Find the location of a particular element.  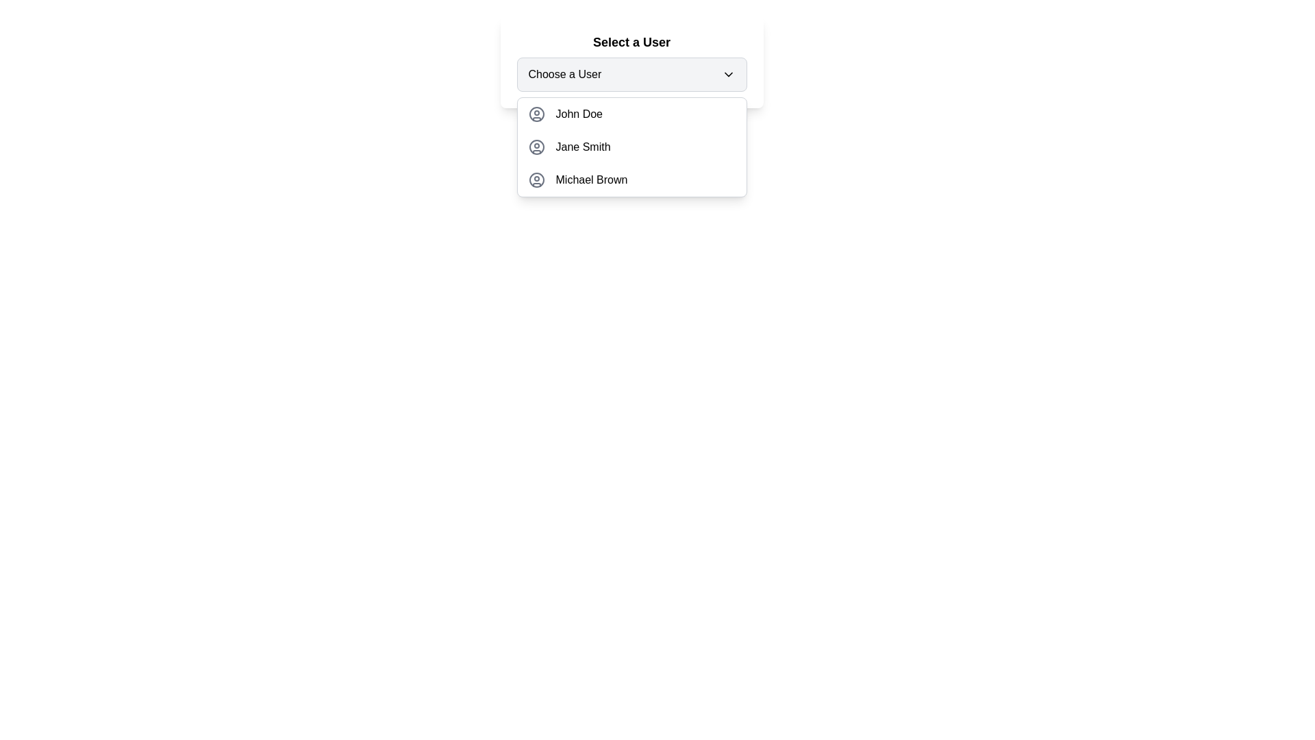

the dropdown menu located within the 'Select a User' card is located at coordinates (631, 74).